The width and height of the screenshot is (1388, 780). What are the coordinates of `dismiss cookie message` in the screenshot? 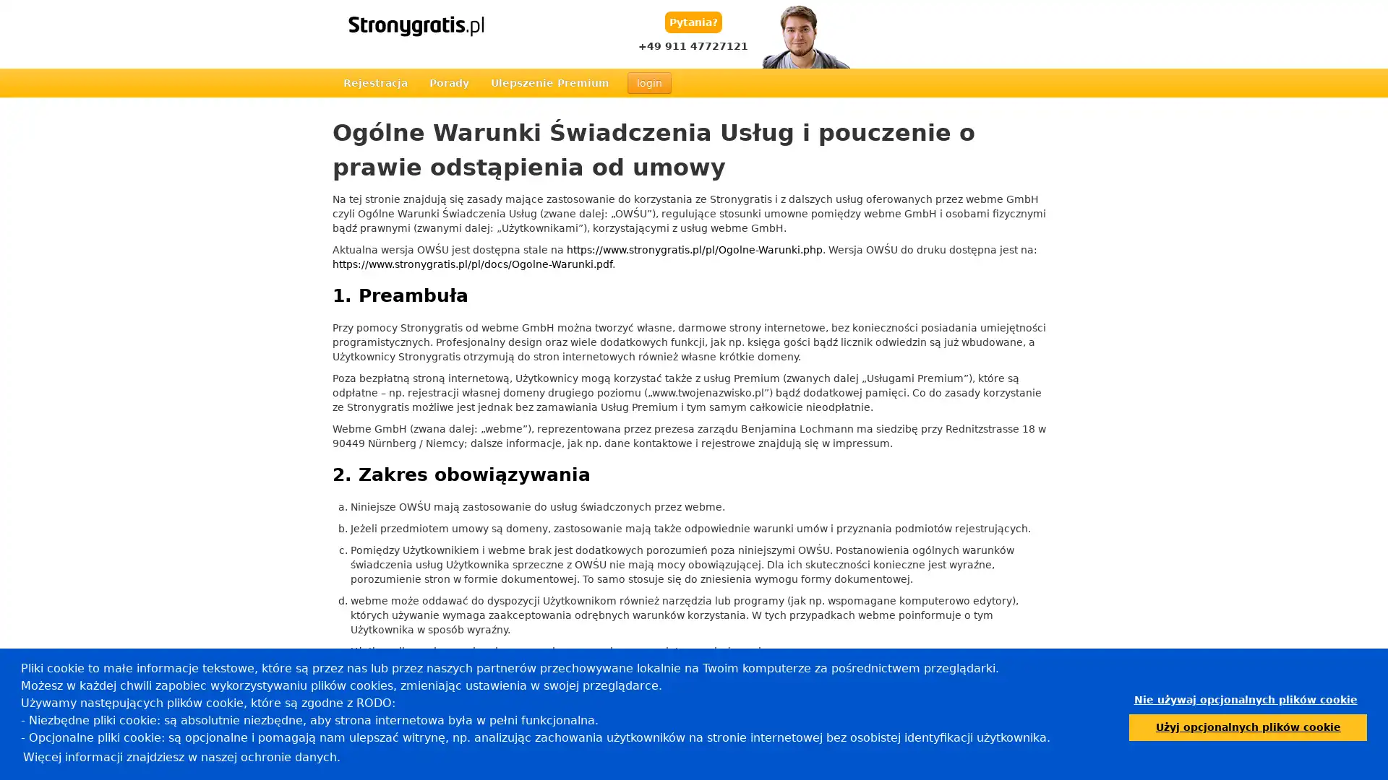 It's located at (1245, 699).